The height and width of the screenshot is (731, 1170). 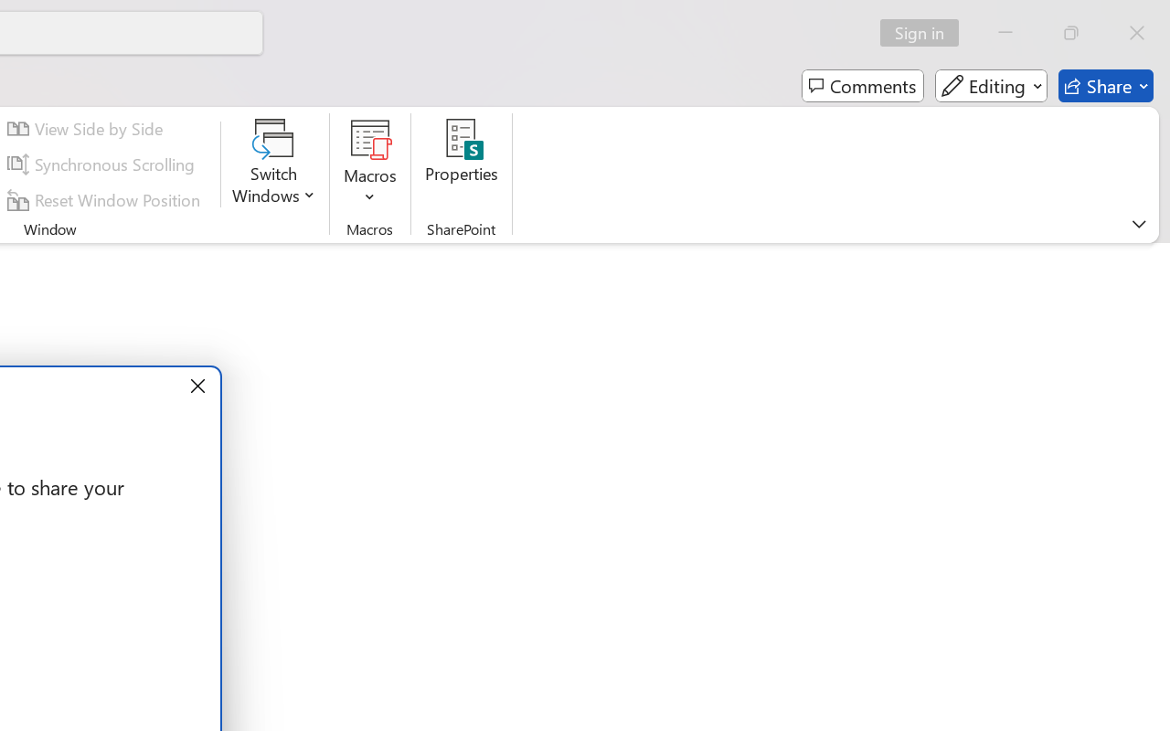 What do you see at coordinates (103, 164) in the screenshot?
I see `'Synchronous Scrolling'` at bounding box center [103, 164].